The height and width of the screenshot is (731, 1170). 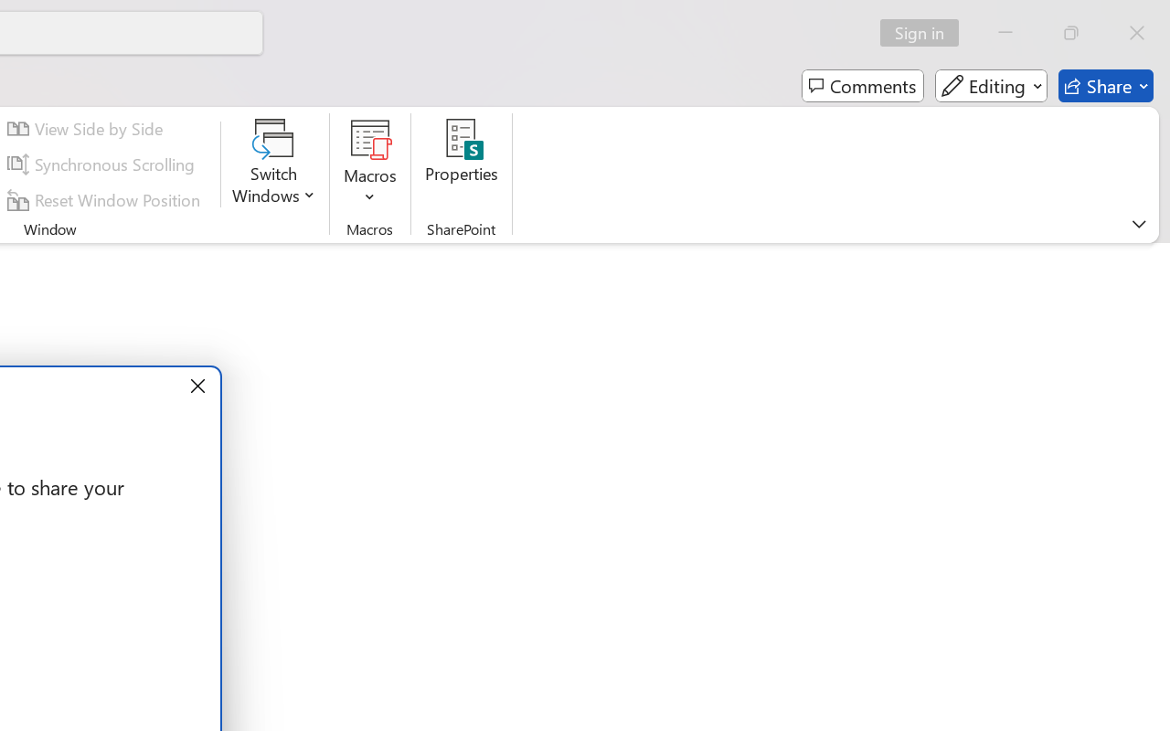 What do you see at coordinates (103, 164) in the screenshot?
I see `'Synchronous Scrolling'` at bounding box center [103, 164].